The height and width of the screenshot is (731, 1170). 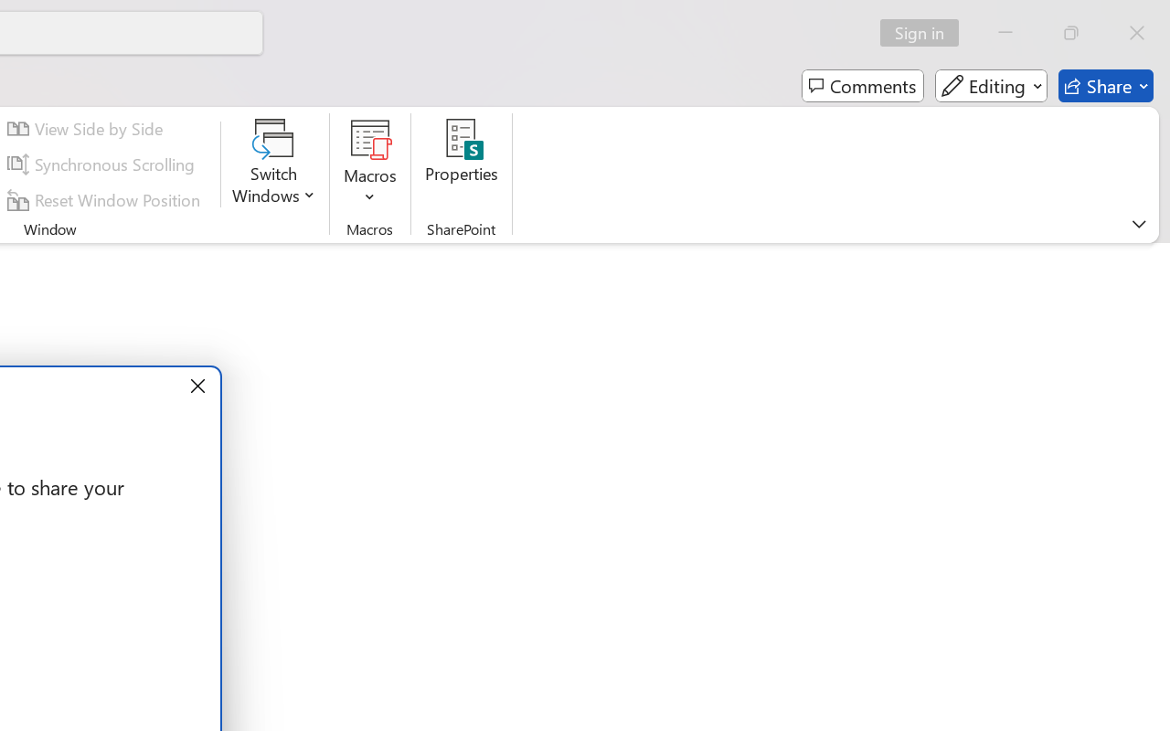 What do you see at coordinates (103, 164) in the screenshot?
I see `'Synchronous Scrolling'` at bounding box center [103, 164].